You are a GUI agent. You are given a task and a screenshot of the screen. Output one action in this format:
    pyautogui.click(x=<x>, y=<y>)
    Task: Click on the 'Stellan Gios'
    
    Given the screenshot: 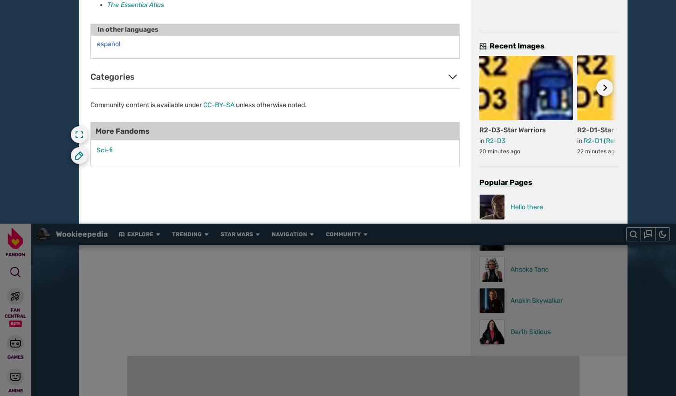 What is the action you would take?
    pyautogui.click(x=127, y=125)
    